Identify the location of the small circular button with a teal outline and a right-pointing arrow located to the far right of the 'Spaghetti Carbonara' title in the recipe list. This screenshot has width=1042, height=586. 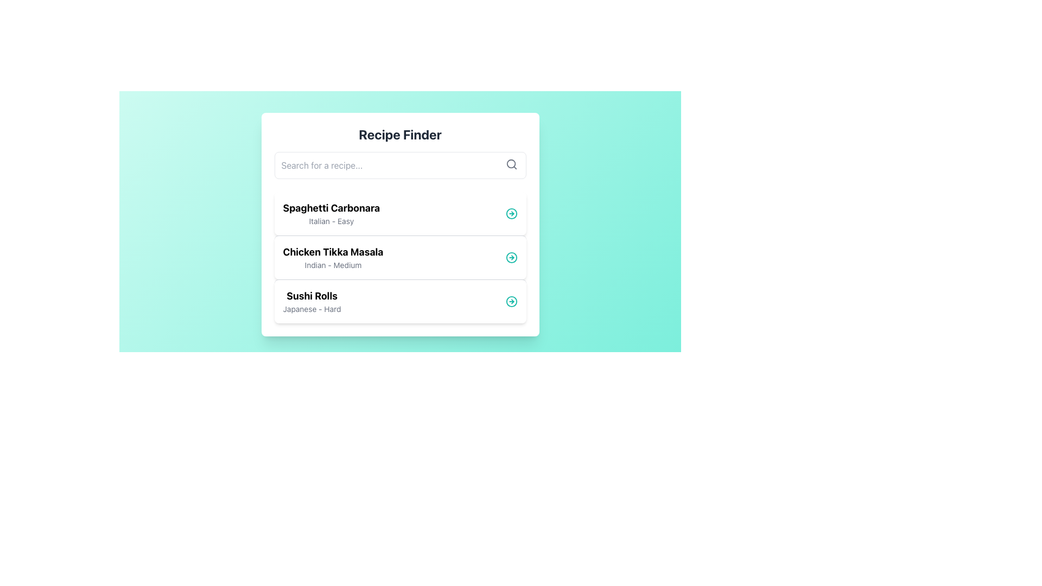
(511, 213).